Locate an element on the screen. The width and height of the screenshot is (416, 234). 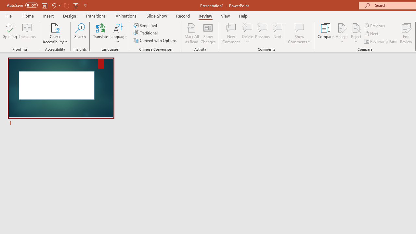
'Convert with Options...' is located at coordinates (155, 40).